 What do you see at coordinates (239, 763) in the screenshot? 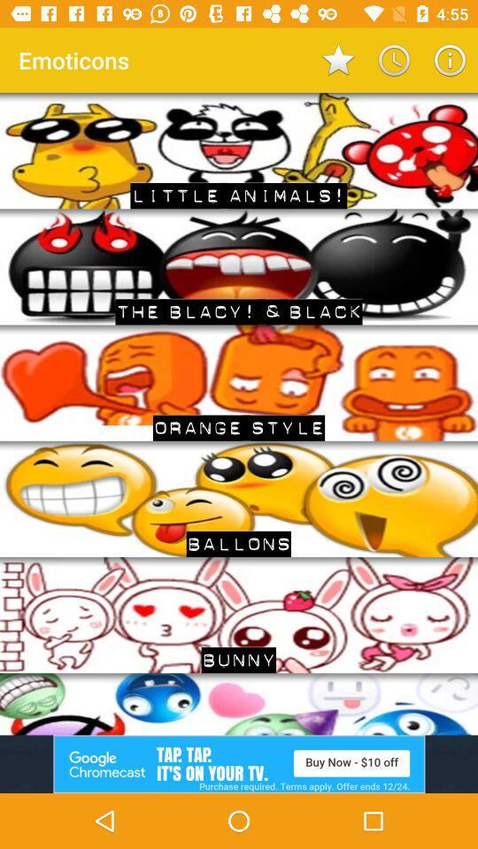
I see `buy` at bounding box center [239, 763].